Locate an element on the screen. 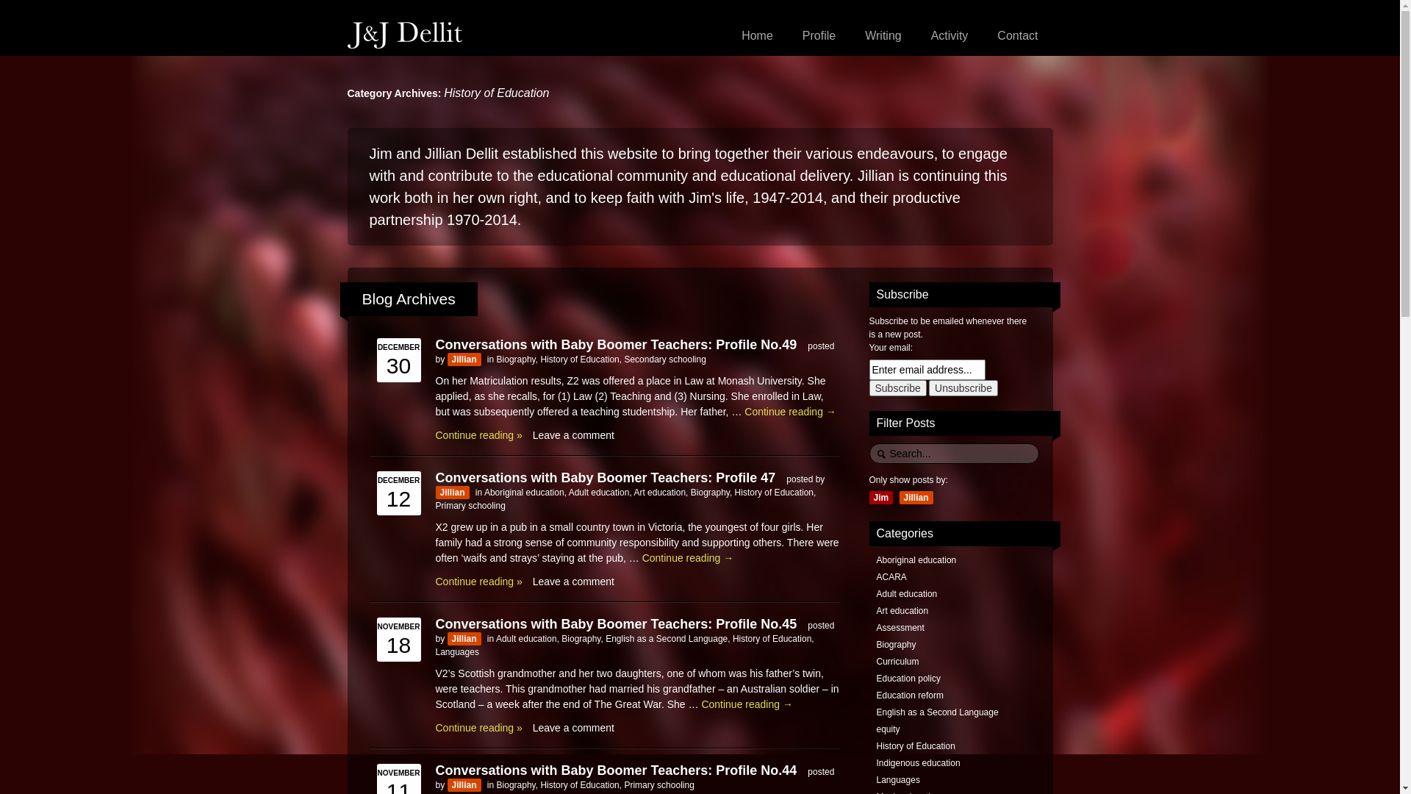 This screenshot has height=794, width=1411. 'Education reform' is located at coordinates (875, 695).